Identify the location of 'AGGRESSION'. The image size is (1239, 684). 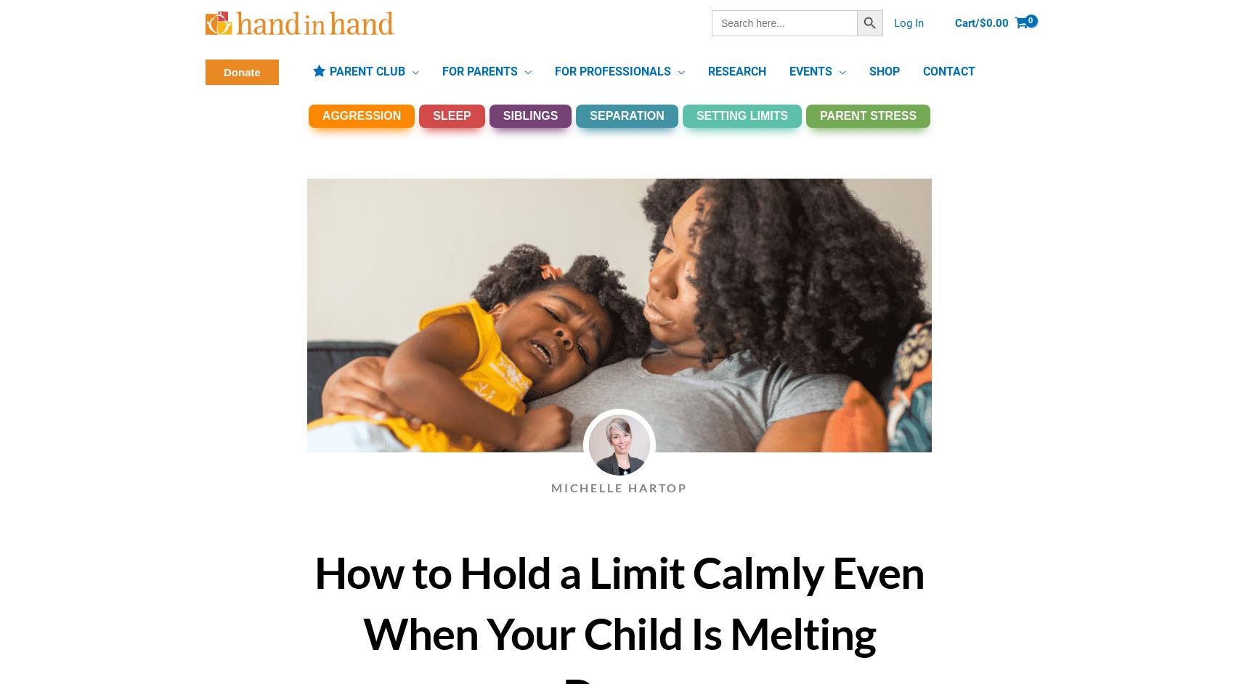
(360, 115).